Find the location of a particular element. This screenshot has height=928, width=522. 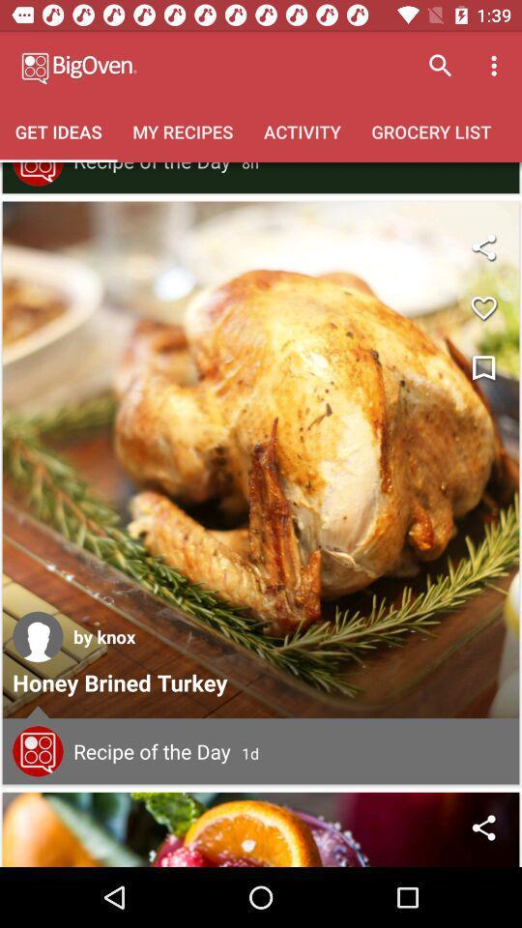

share recipe is located at coordinates (482, 826).